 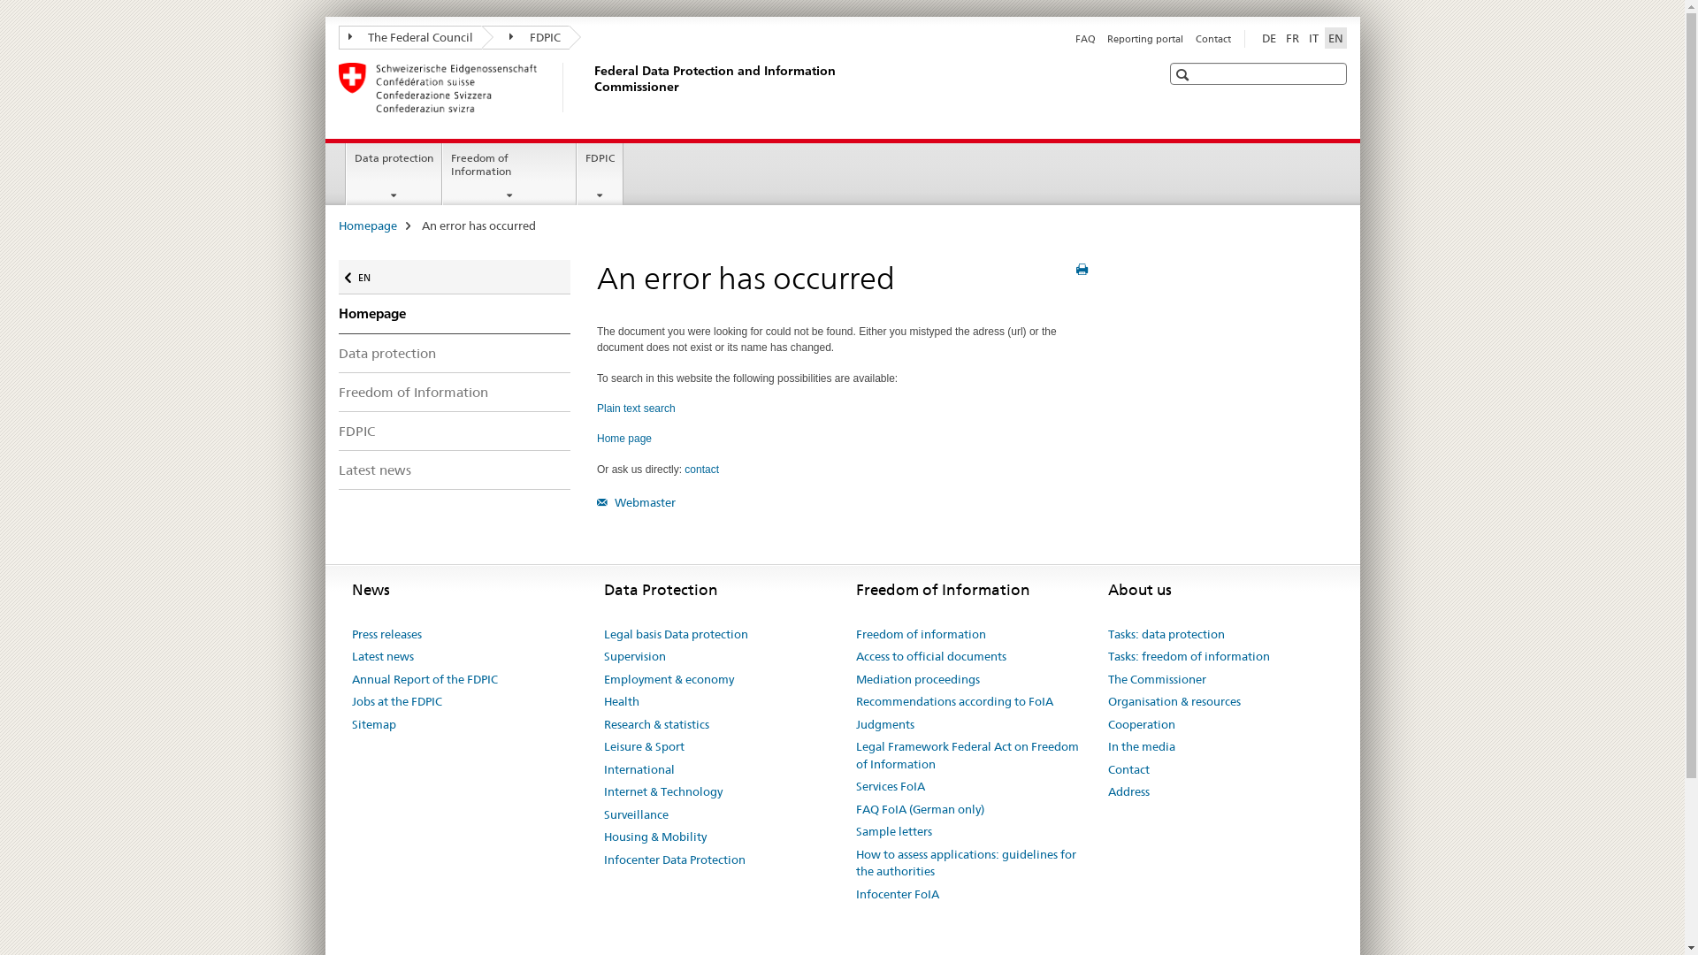 What do you see at coordinates (968, 862) in the screenshot?
I see `'How to assess applications: guidelines for the authorities'` at bounding box center [968, 862].